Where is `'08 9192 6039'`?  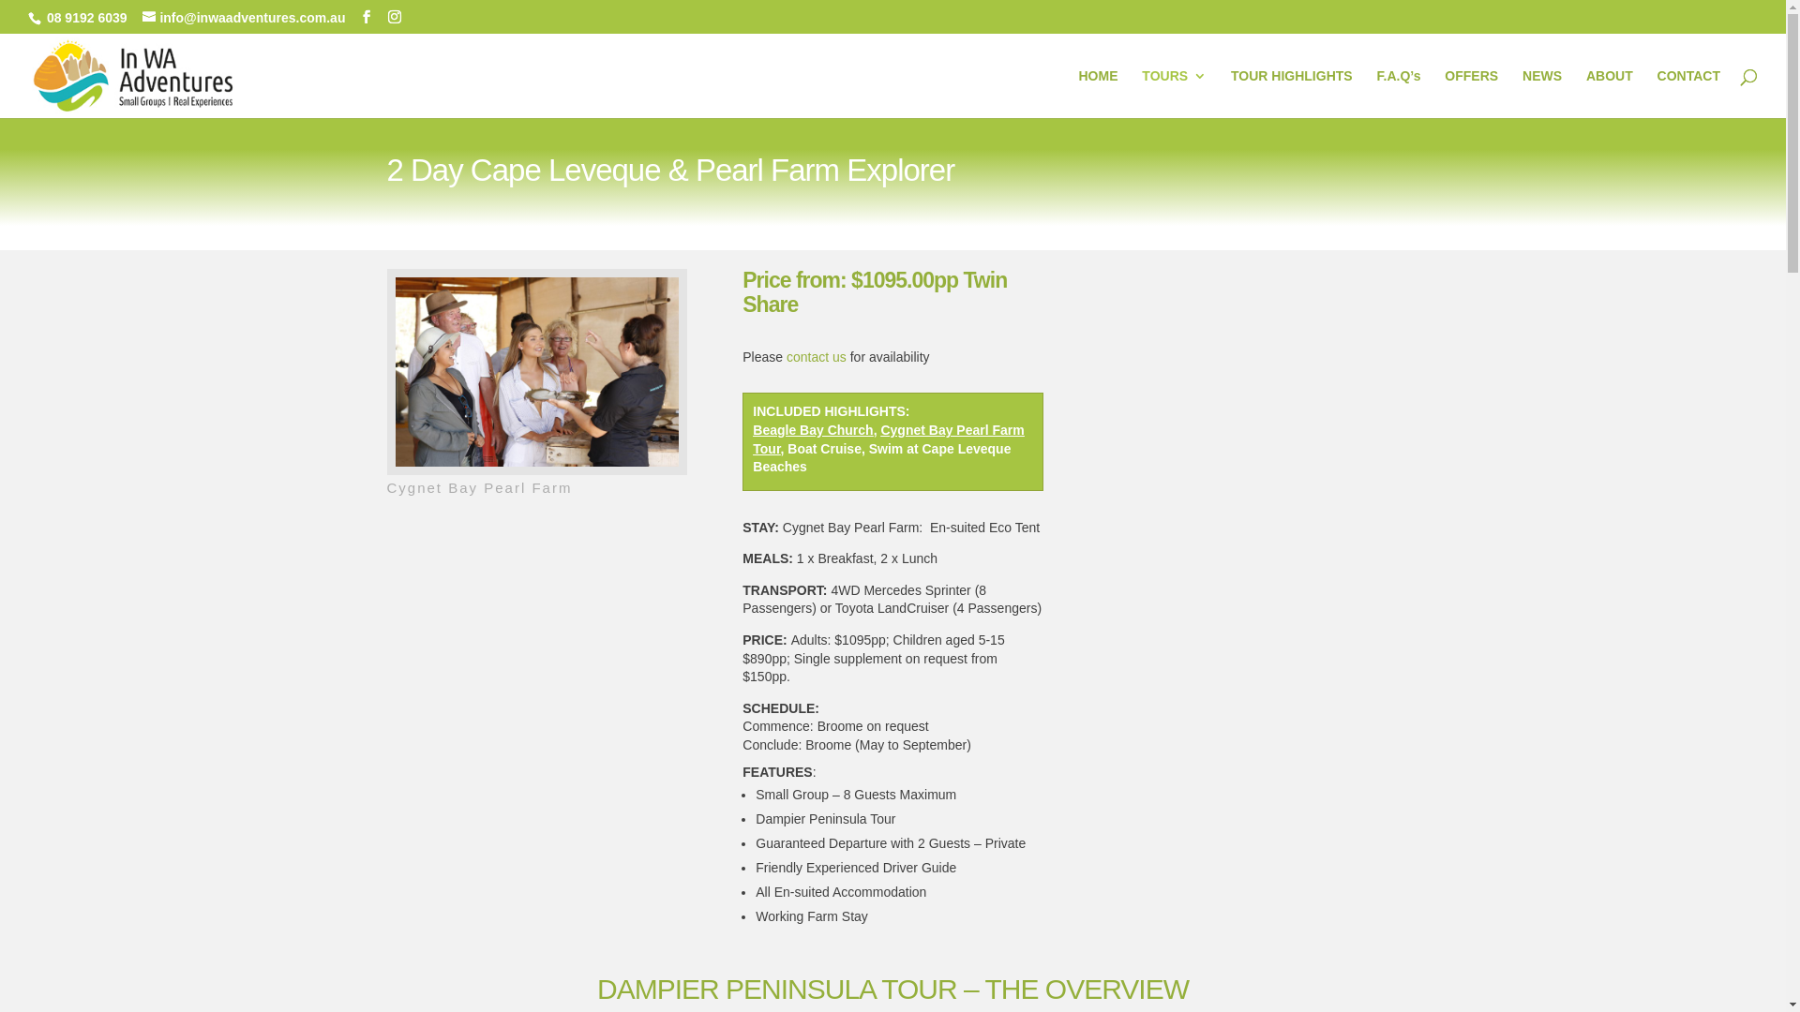 '08 9192 6039' is located at coordinates (84, 17).